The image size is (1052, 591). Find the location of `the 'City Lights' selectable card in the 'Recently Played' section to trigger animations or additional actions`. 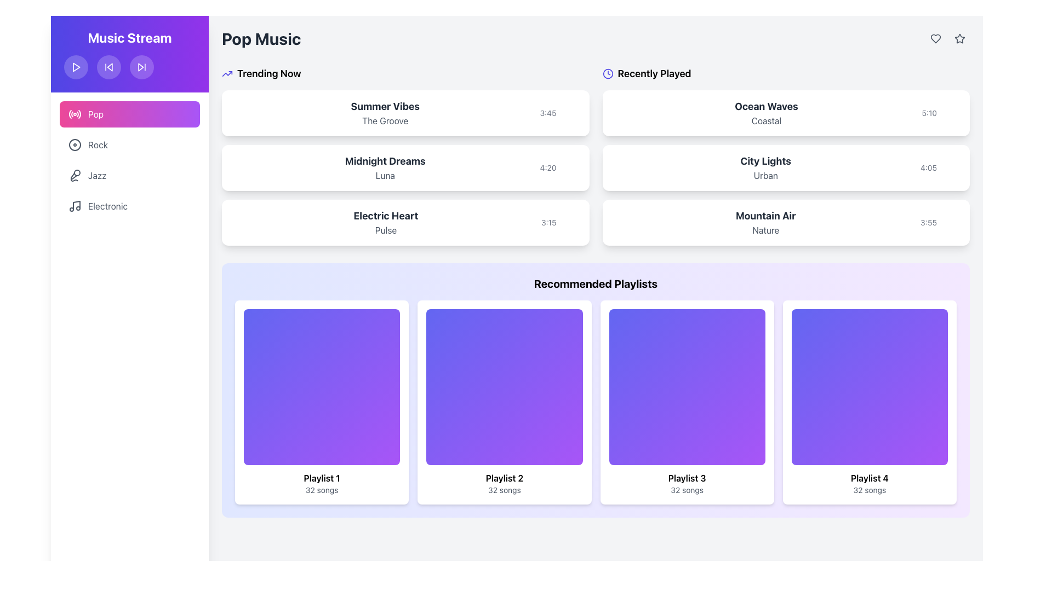

the 'City Lights' selectable card in the 'Recently Played' section to trigger animations or additional actions is located at coordinates (785, 168).